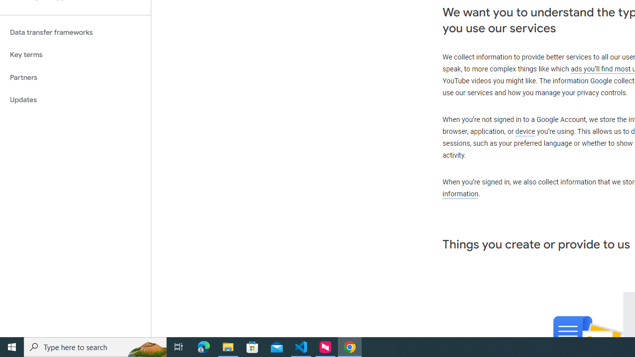 Image resolution: width=635 pixels, height=357 pixels. Describe the element at coordinates (12, 346) in the screenshot. I see `'Start'` at that location.